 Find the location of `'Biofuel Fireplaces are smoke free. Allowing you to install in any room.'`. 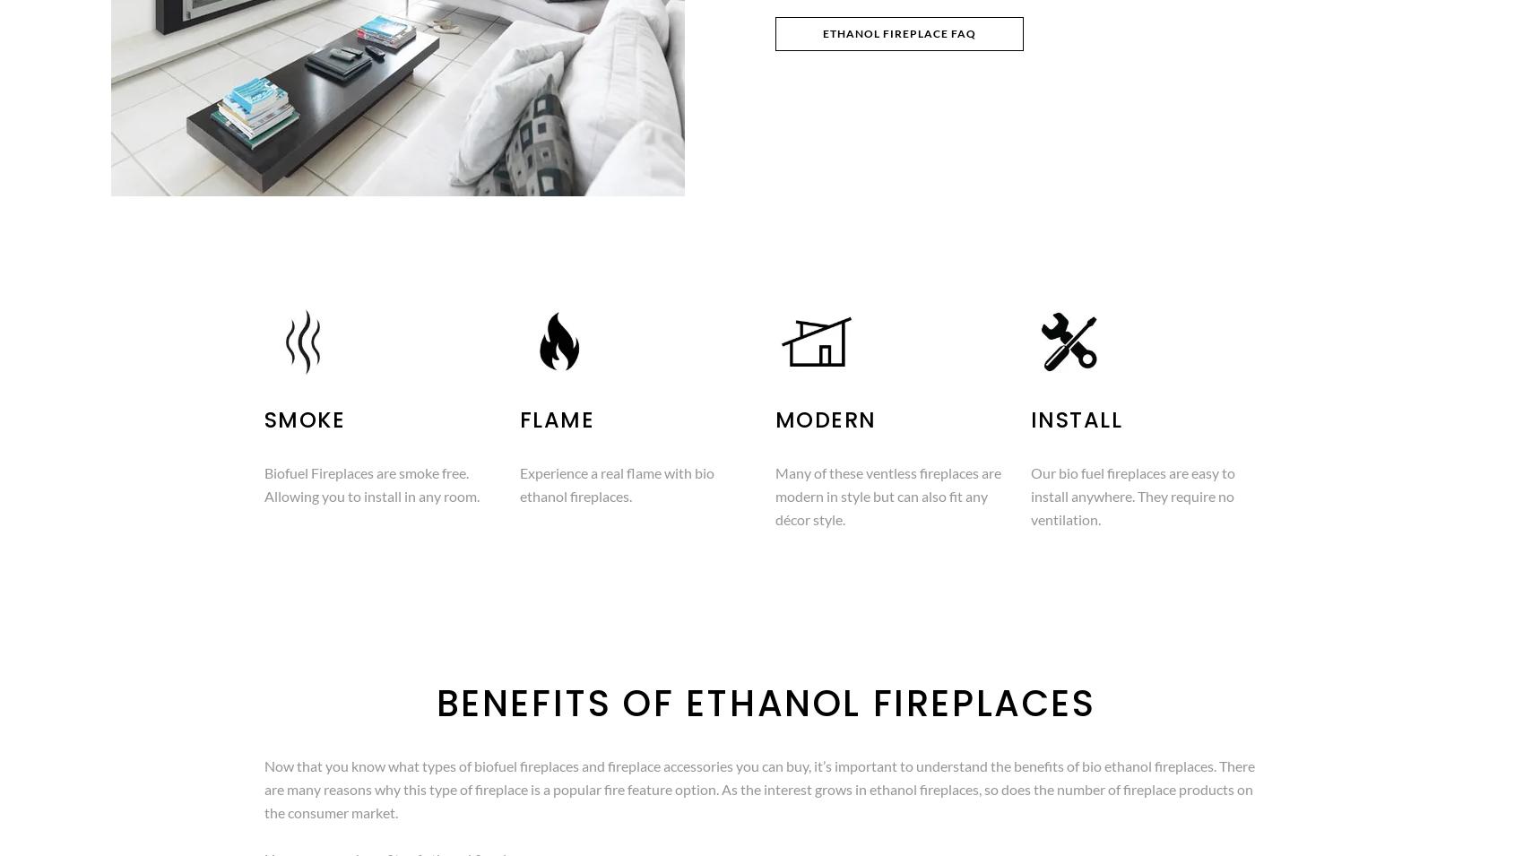

'Biofuel Fireplaces are smoke free. Allowing you to install in any room.' is located at coordinates (262, 484).